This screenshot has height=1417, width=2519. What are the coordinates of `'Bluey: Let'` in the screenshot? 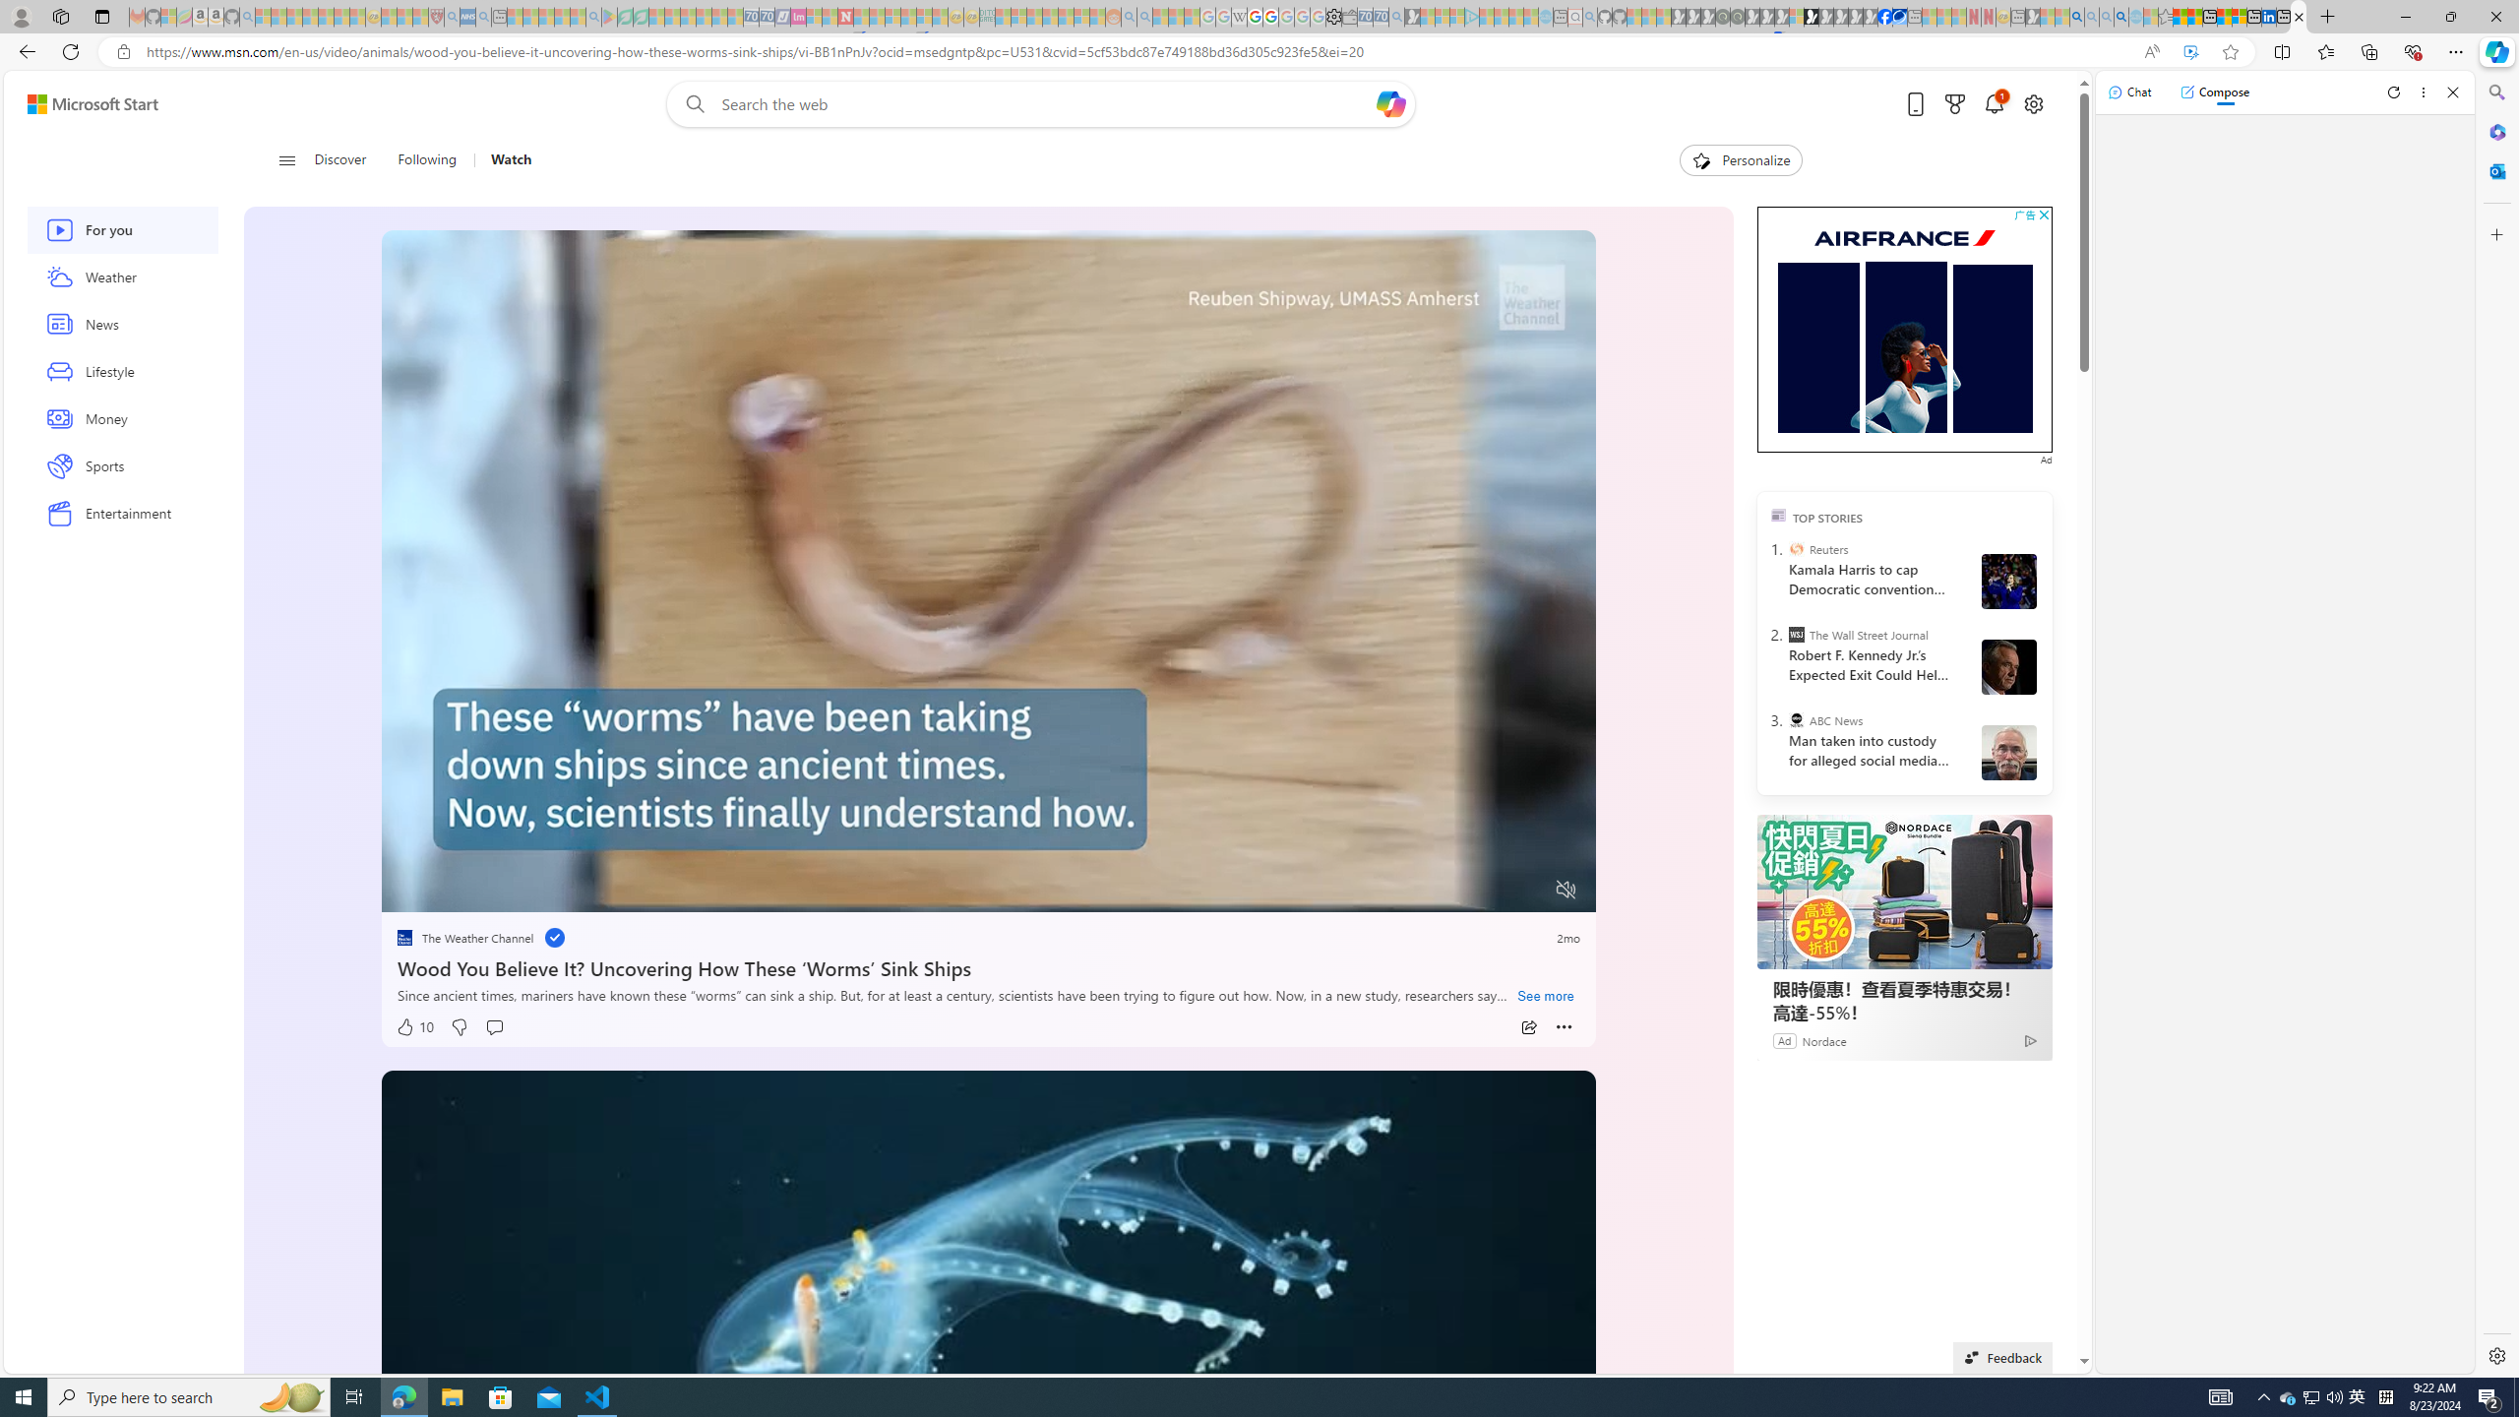 It's located at (609, 16).